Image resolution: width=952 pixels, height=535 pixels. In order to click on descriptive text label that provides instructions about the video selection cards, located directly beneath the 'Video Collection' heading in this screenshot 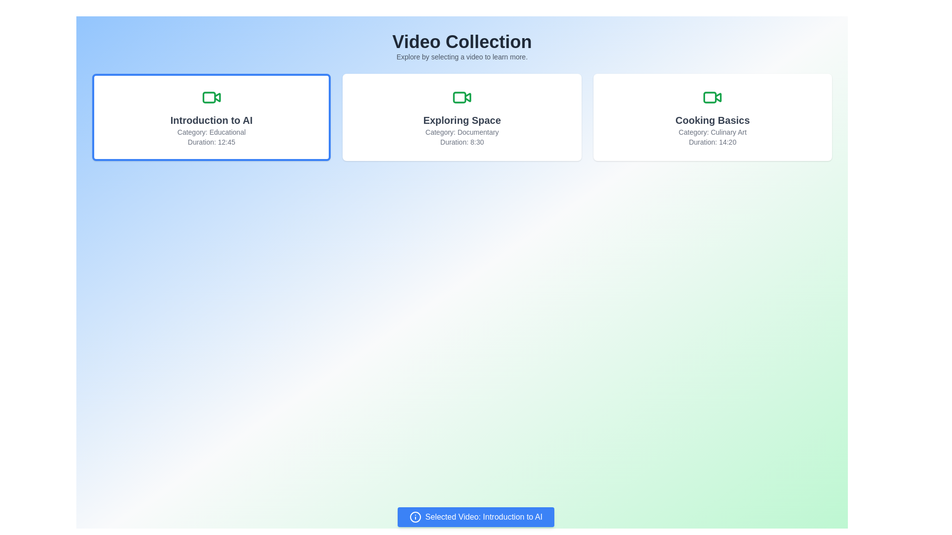, I will do `click(461, 57)`.